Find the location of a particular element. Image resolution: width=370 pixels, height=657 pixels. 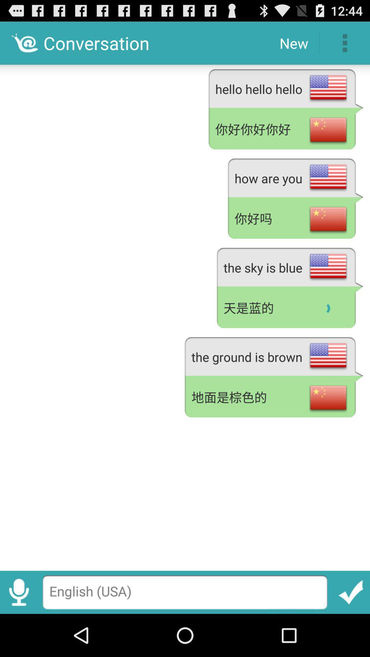

the check icon is located at coordinates (351, 633).